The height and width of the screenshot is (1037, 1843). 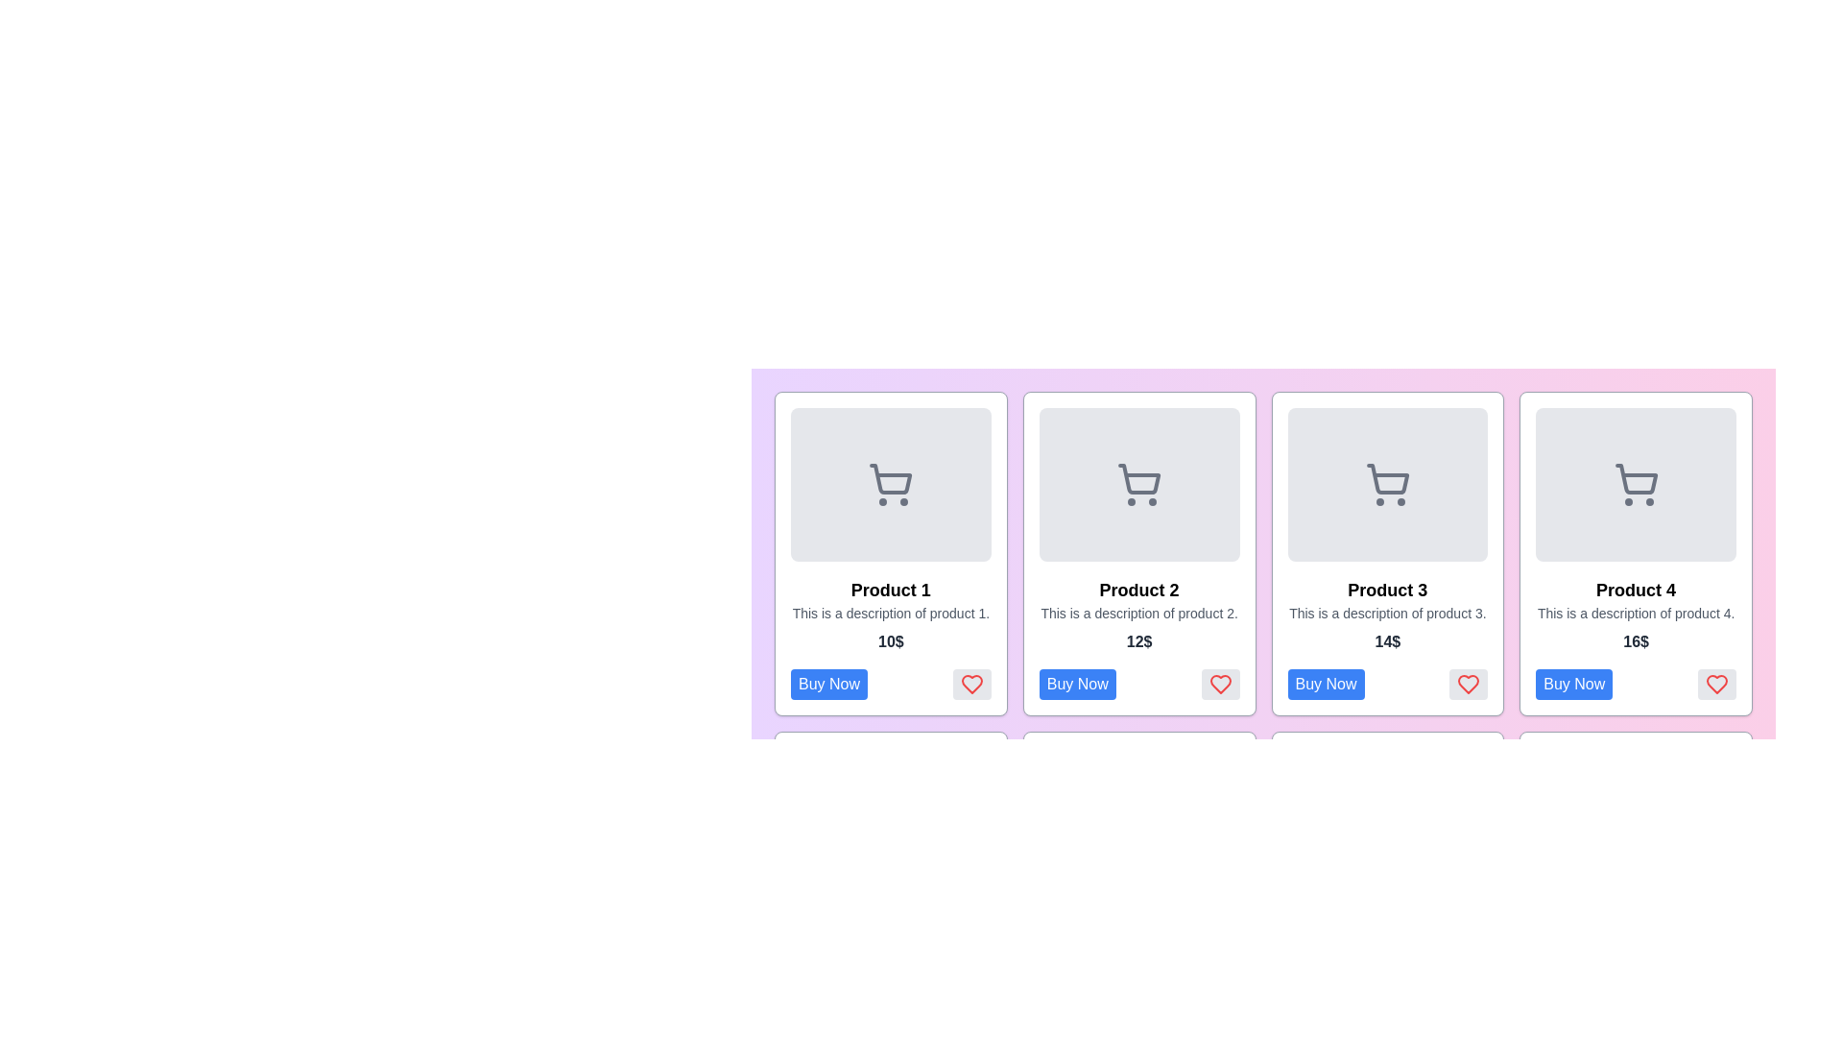 I want to click on the static text displaying the price of the product located in the fourth product card from the left, positioned below the product description and above the 'Buy Now' button, so click(x=1635, y=641).